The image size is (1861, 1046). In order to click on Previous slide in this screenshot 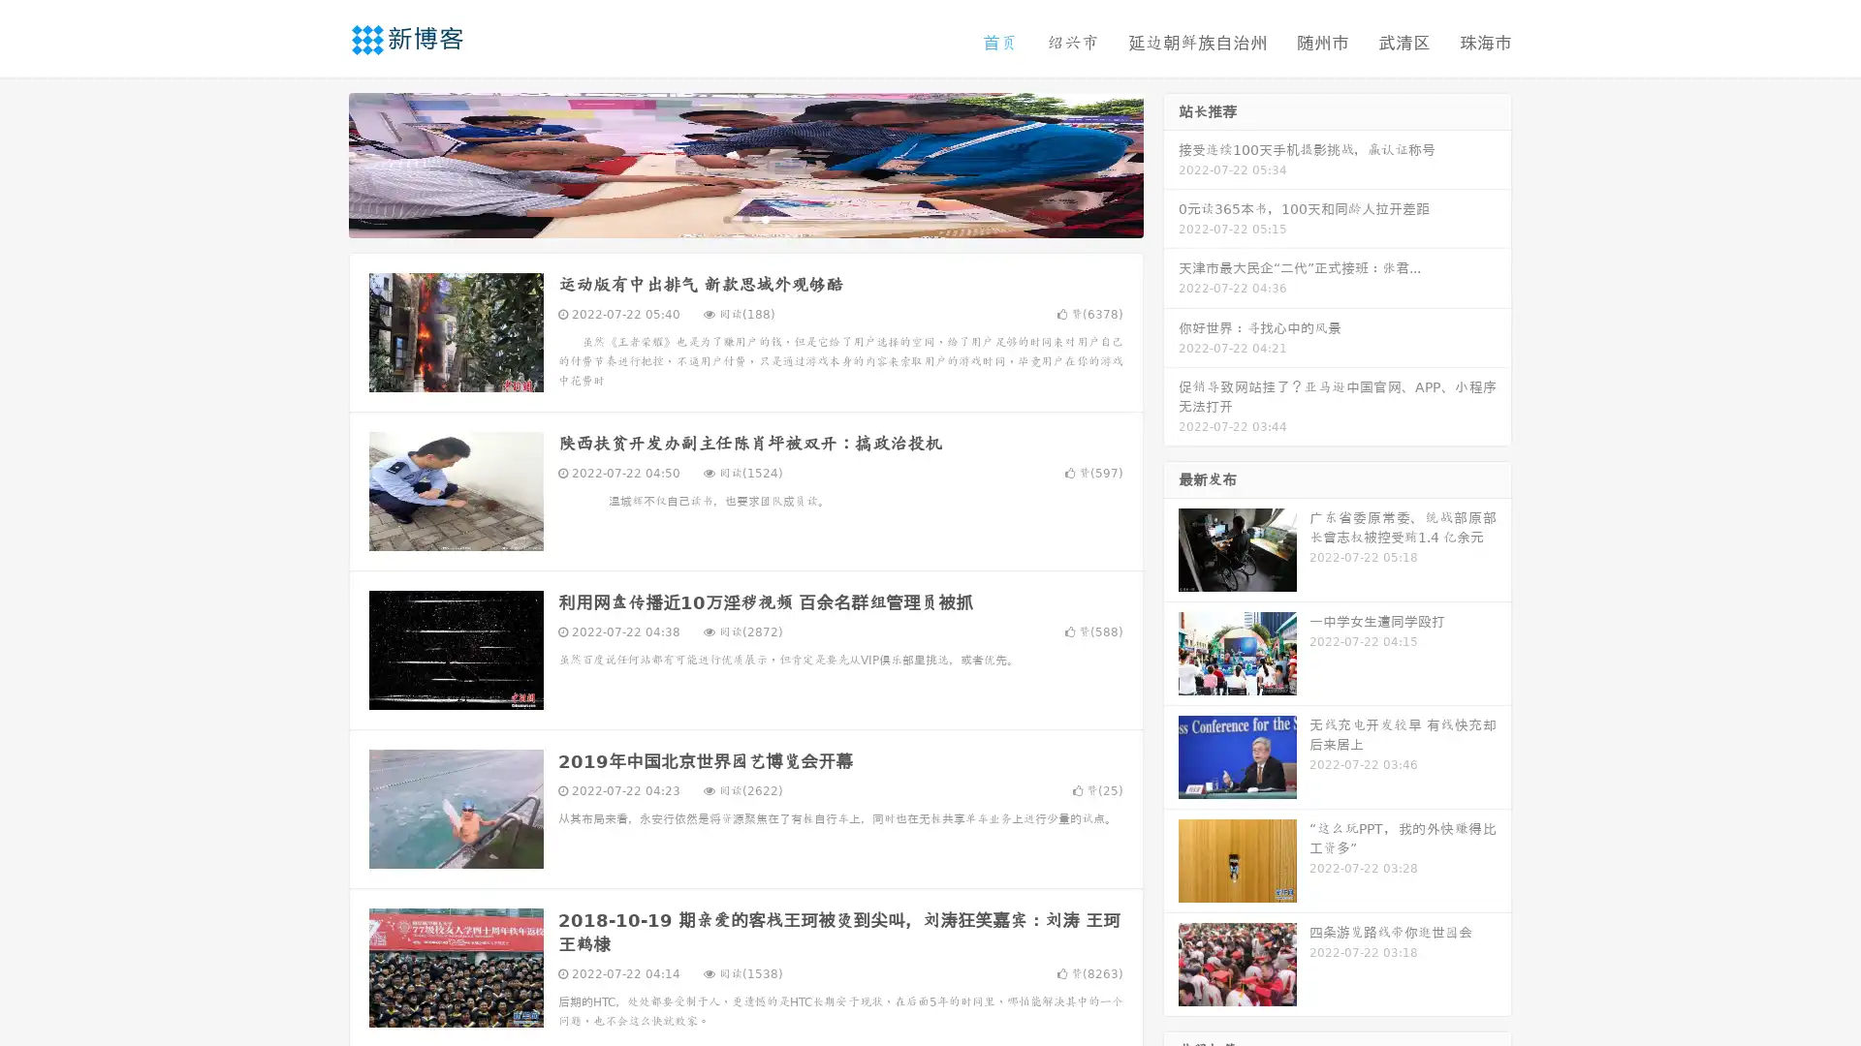, I will do `click(320, 163)`.